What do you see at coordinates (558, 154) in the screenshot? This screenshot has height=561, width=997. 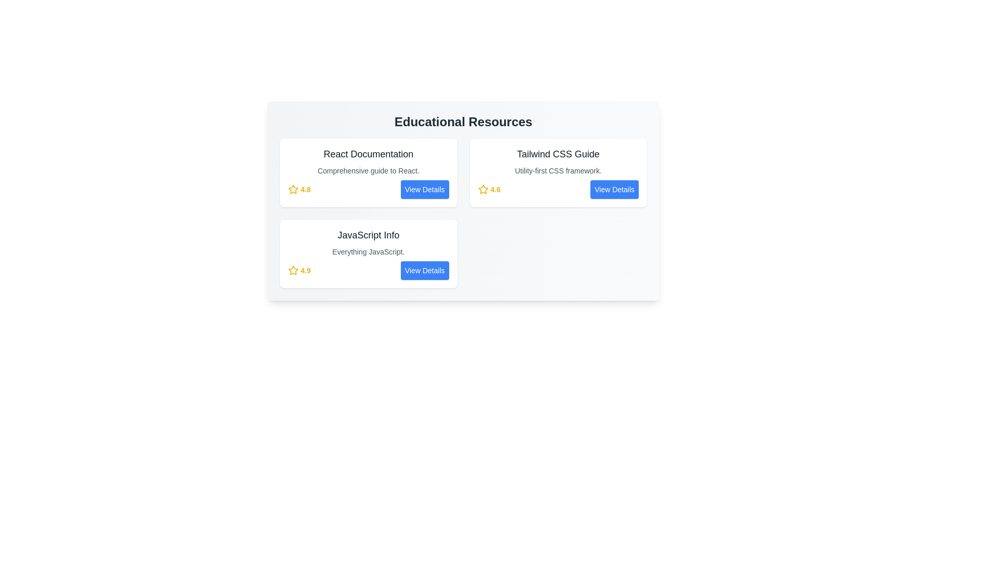 I see `the title of the resource Tailwind CSS Guide` at bounding box center [558, 154].